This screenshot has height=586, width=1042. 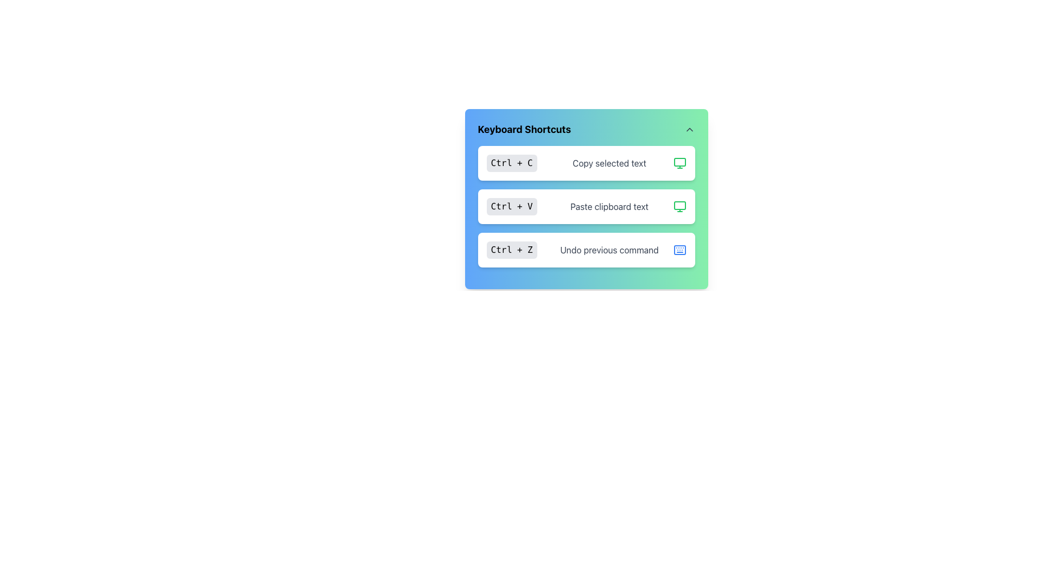 What do you see at coordinates (679, 250) in the screenshot?
I see `the central rectangular background of the SVG icon representing the keyboard shortcut symbol, which is the largest graphical component in the icon` at bounding box center [679, 250].